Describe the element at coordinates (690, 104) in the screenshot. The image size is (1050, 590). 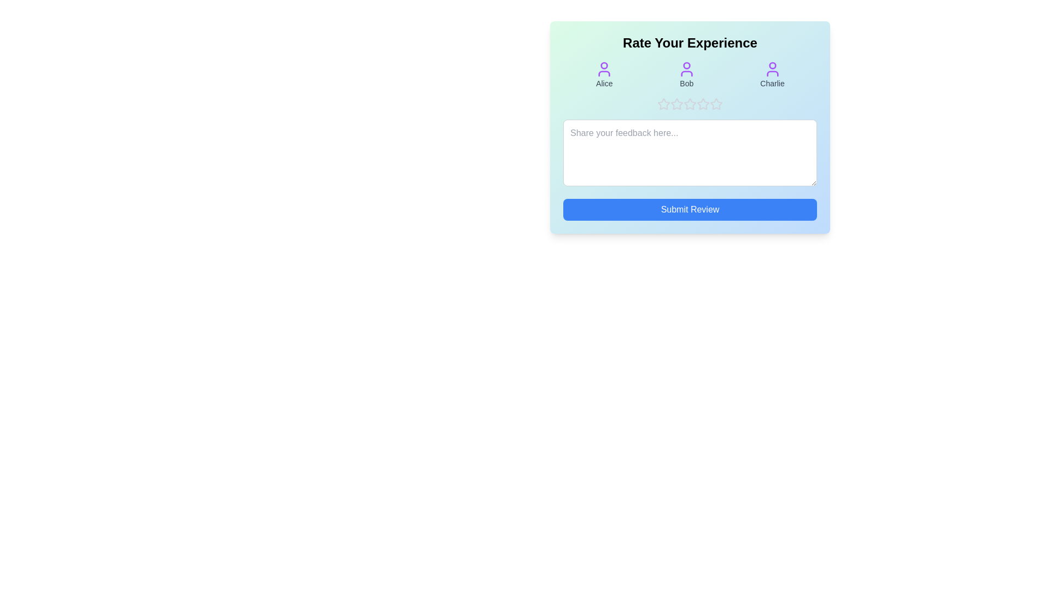
I see `the product rating to 3 stars by clicking on the corresponding star` at that location.